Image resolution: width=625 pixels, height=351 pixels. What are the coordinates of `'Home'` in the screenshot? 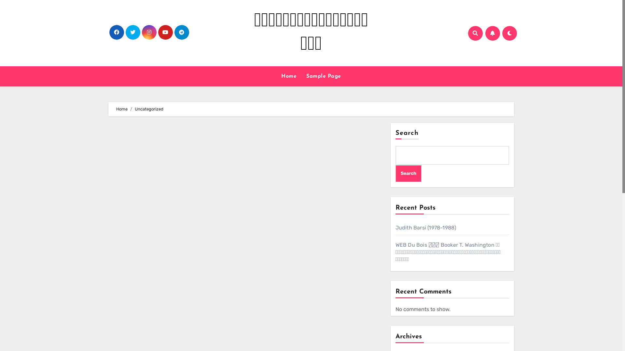 It's located at (288, 76).